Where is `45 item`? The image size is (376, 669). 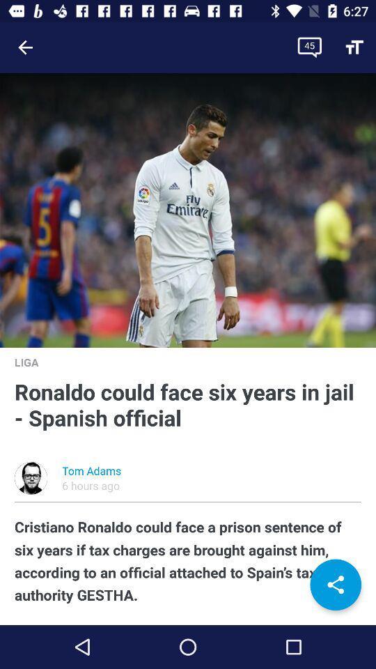
45 item is located at coordinates (309, 47).